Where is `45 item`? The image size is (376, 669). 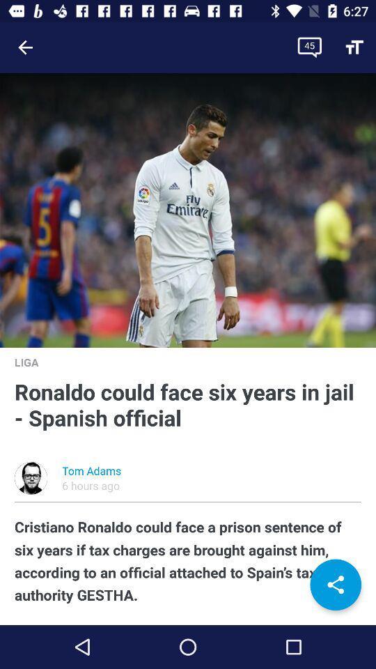
45 item is located at coordinates (309, 47).